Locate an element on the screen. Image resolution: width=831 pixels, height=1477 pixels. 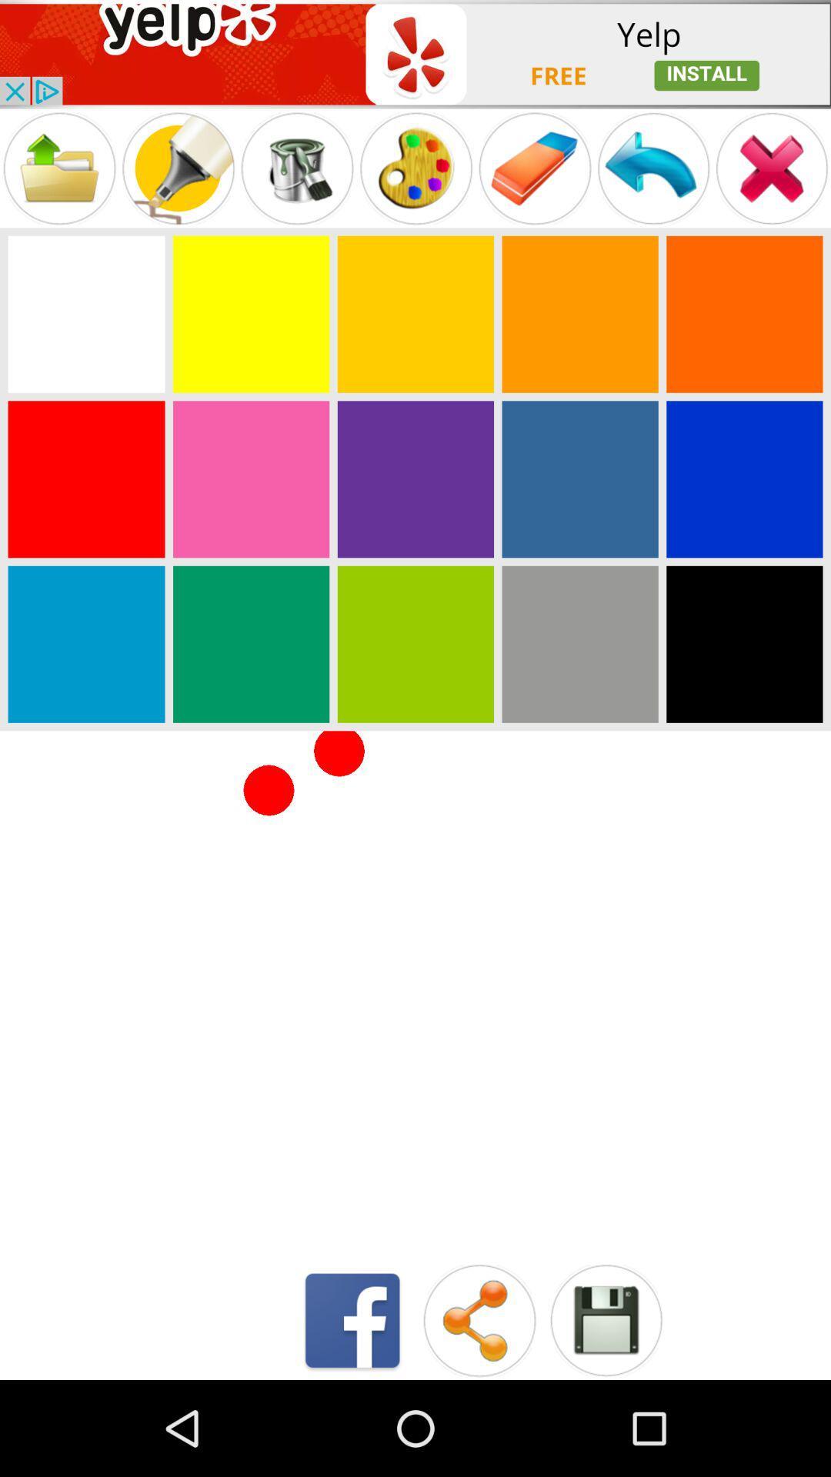
upload the file open the file is located at coordinates (58, 168).